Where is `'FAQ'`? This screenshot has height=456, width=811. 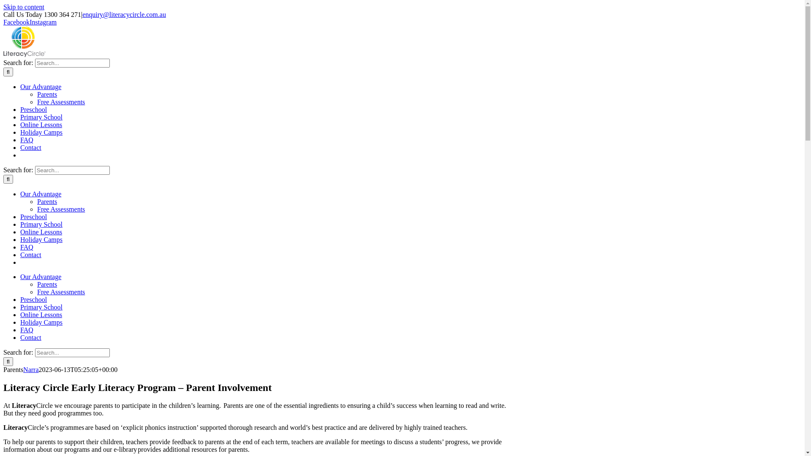 'FAQ' is located at coordinates (27, 247).